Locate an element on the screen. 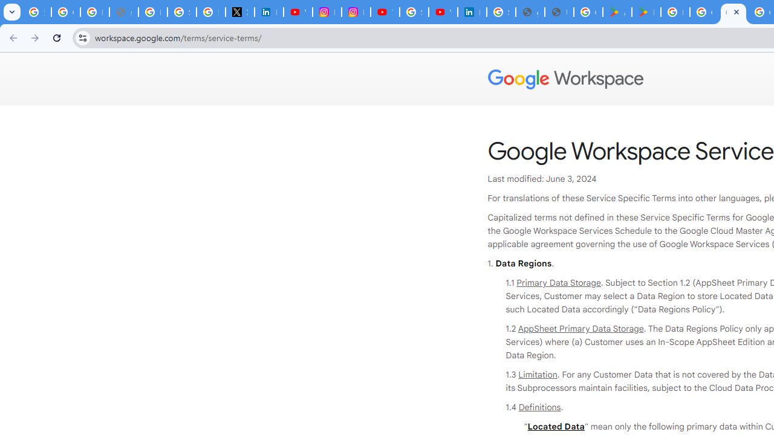 This screenshot has width=774, height=435. 'Sign in - Google Accounts' is located at coordinates (181, 12).